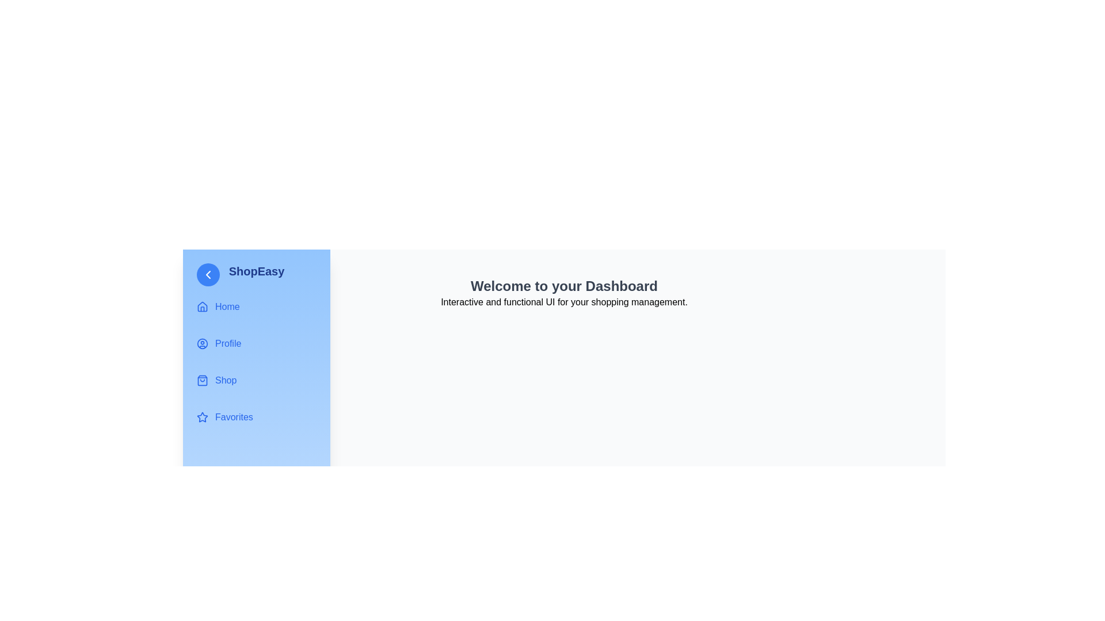 This screenshot has width=1105, height=621. What do you see at coordinates (564, 285) in the screenshot?
I see `the header text element displaying 'Welcome to your Dashboard', which is prominently positioned at the top-center of the main panel` at bounding box center [564, 285].